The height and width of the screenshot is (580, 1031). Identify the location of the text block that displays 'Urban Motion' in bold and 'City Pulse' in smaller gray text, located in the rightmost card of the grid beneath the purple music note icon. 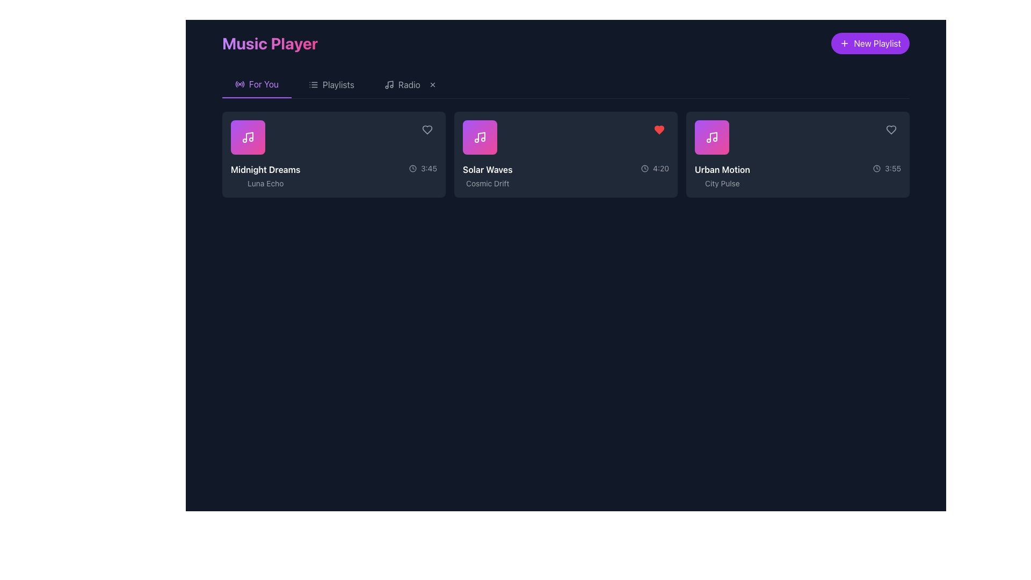
(722, 175).